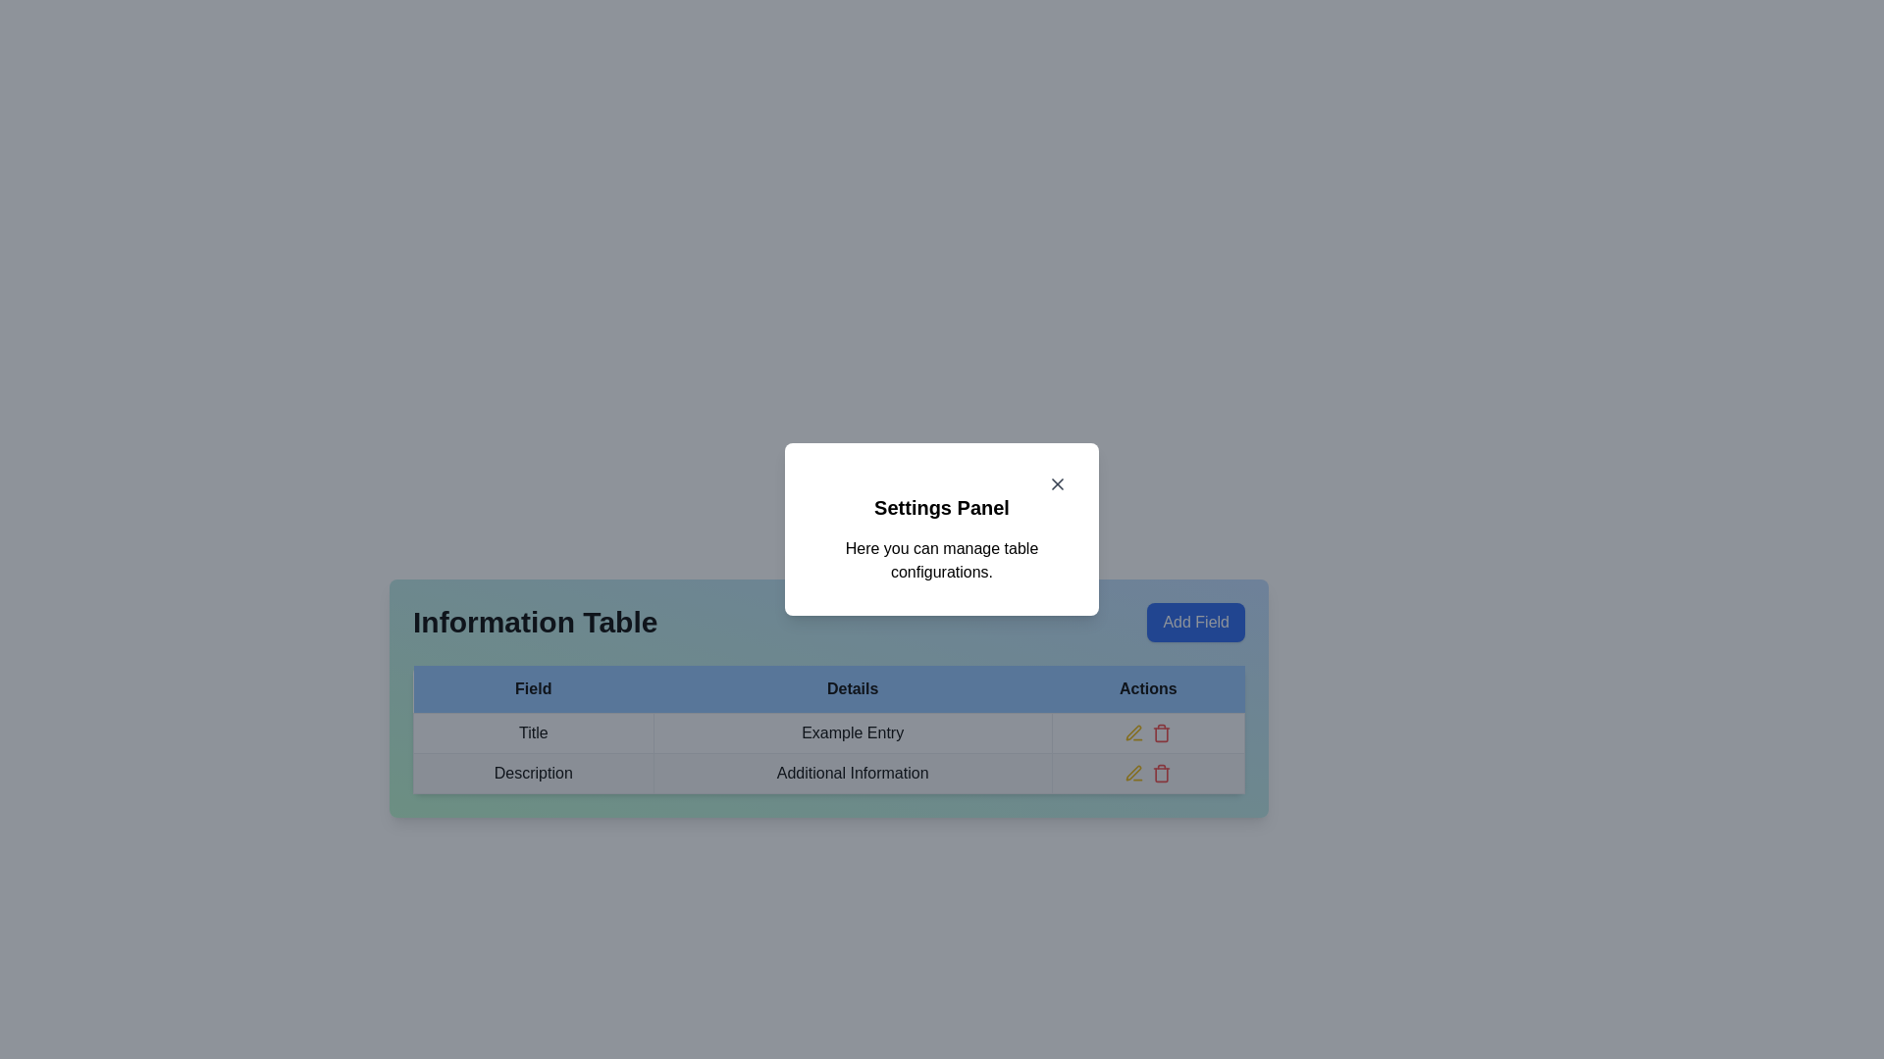  What do you see at coordinates (1134, 772) in the screenshot?
I see `the SVG-based action icon located in the 'Actions' column of the second row of the table` at bounding box center [1134, 772].